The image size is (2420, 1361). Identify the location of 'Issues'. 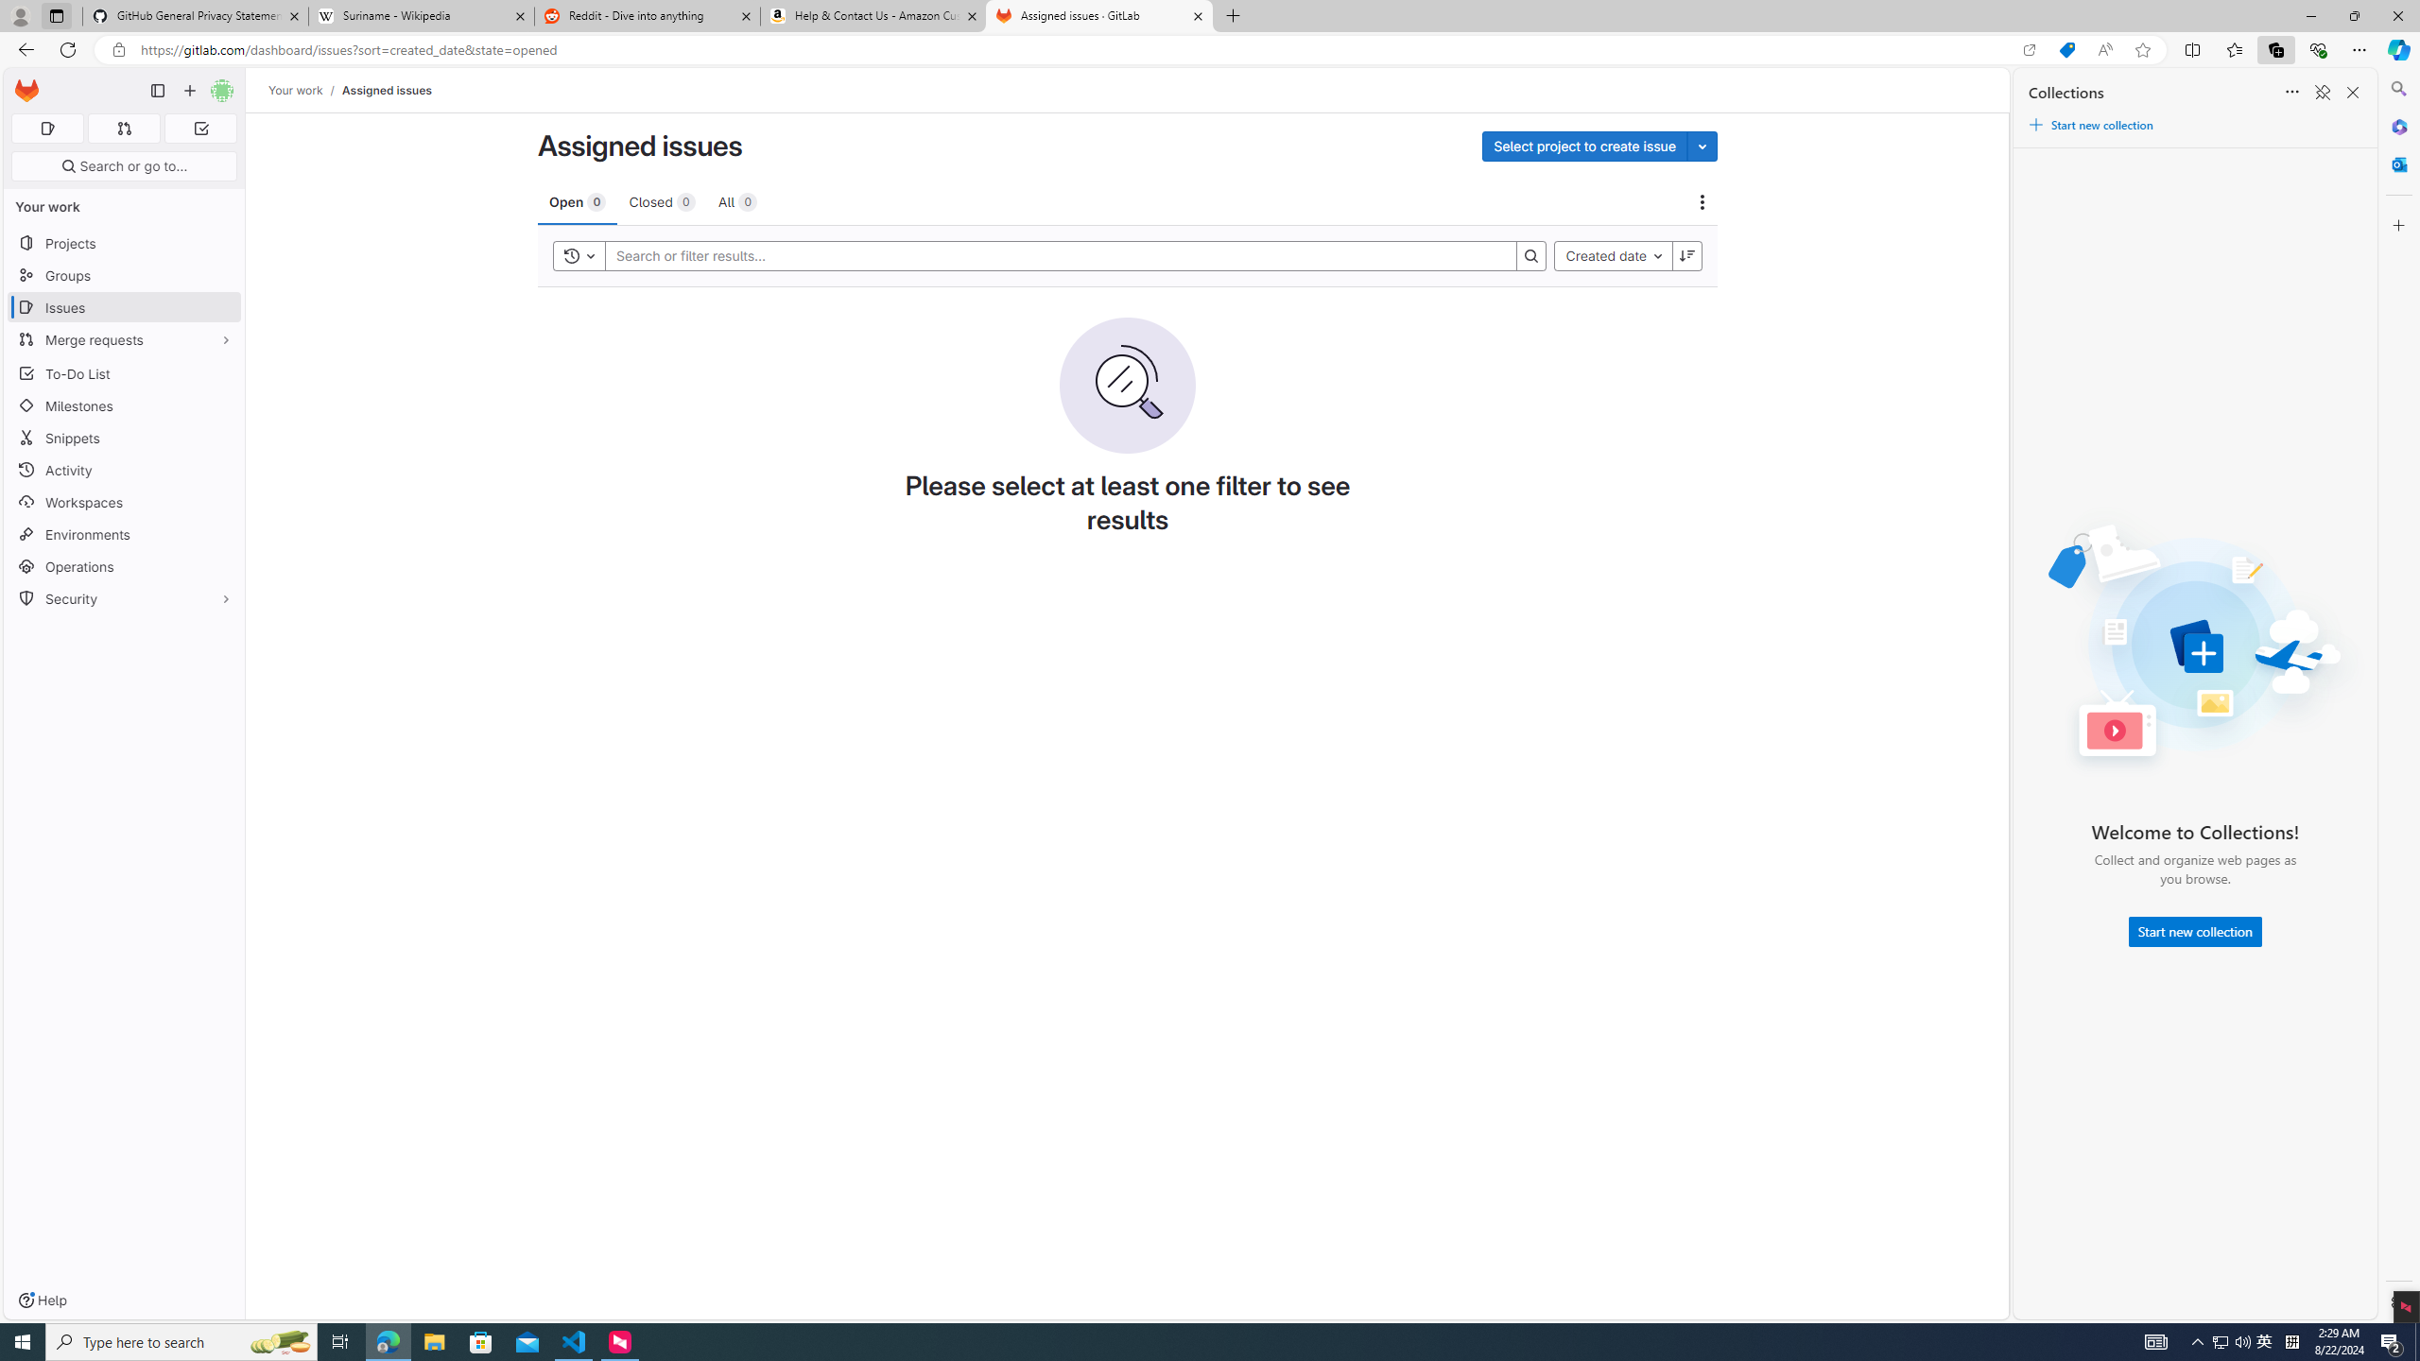
(123, 307).